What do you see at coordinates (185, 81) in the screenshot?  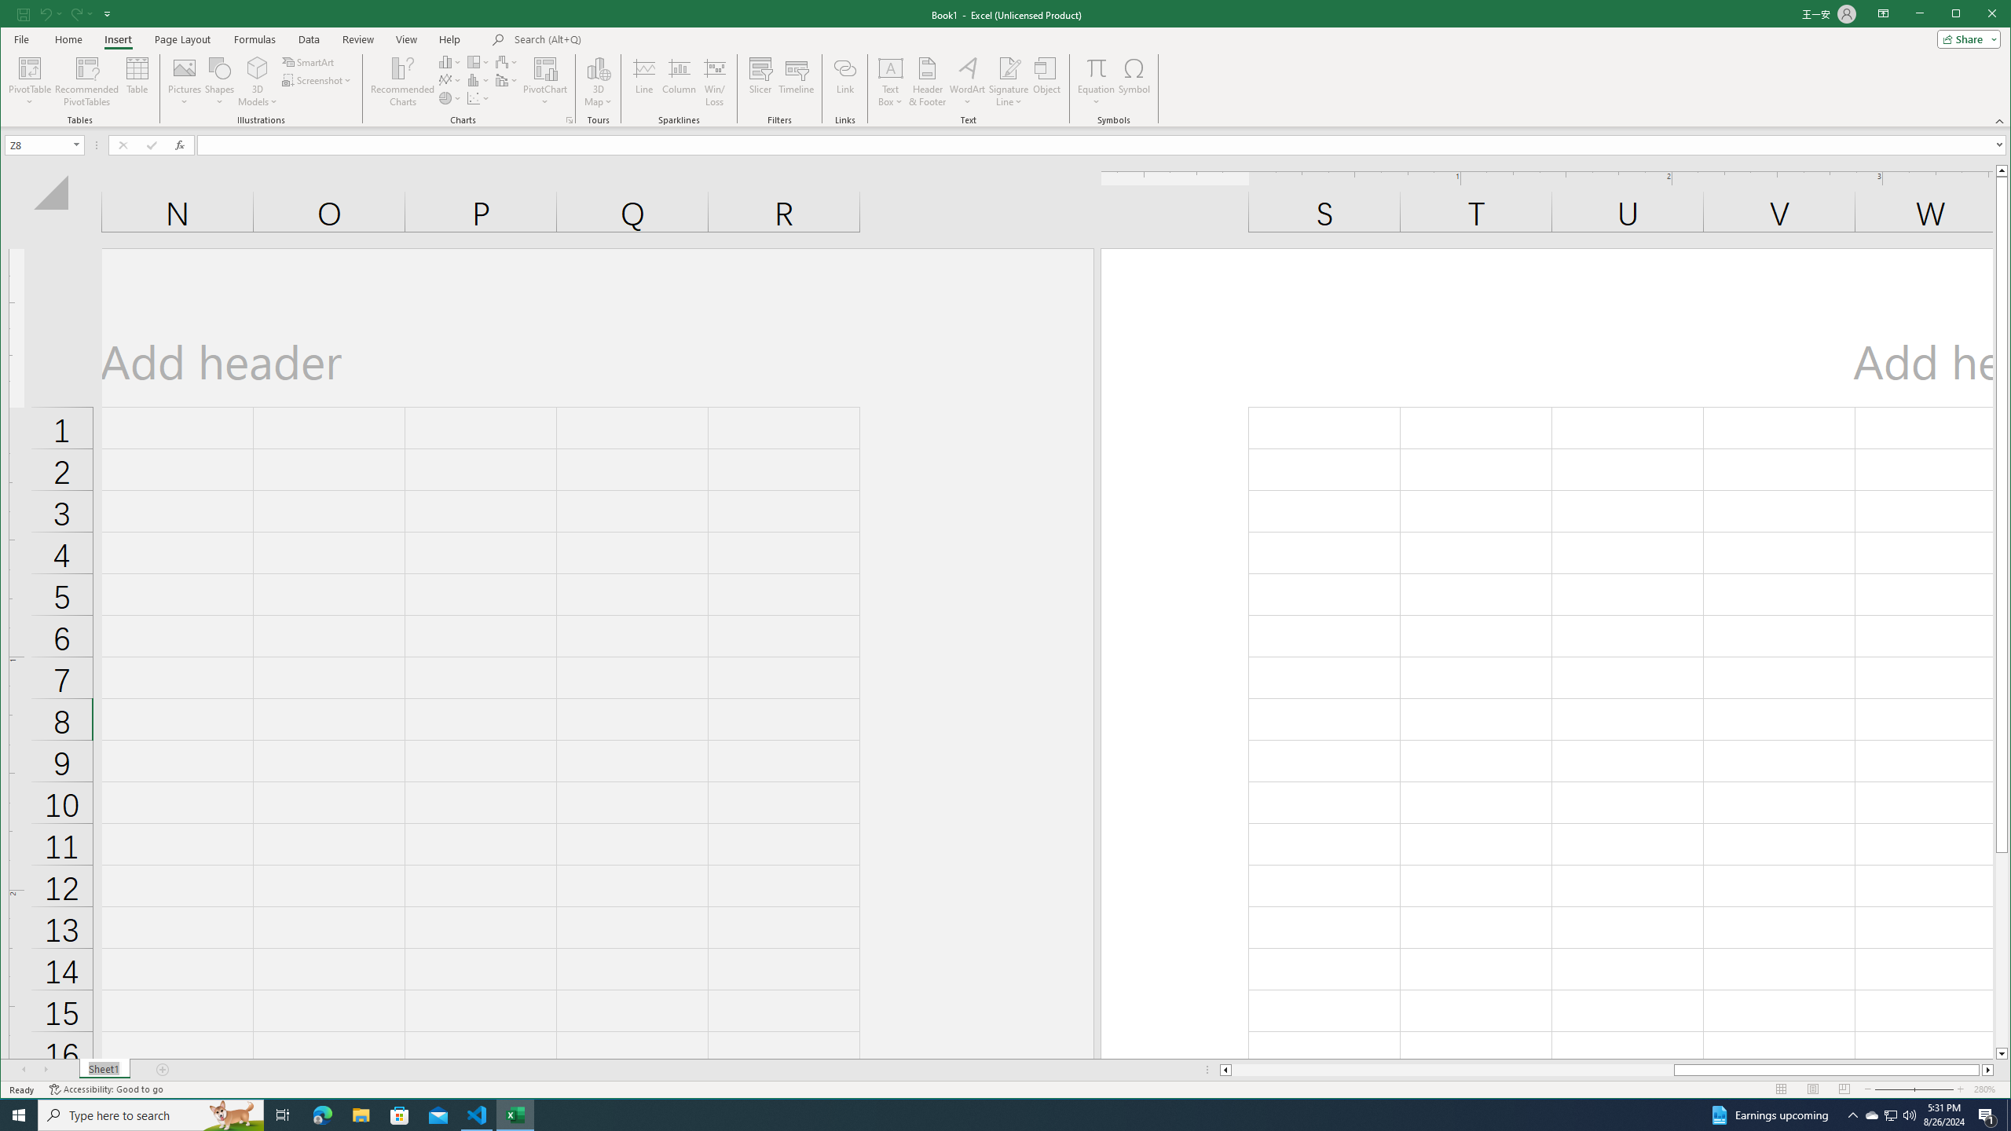 I see `'Pictures'` at bounding box center [185, 81].